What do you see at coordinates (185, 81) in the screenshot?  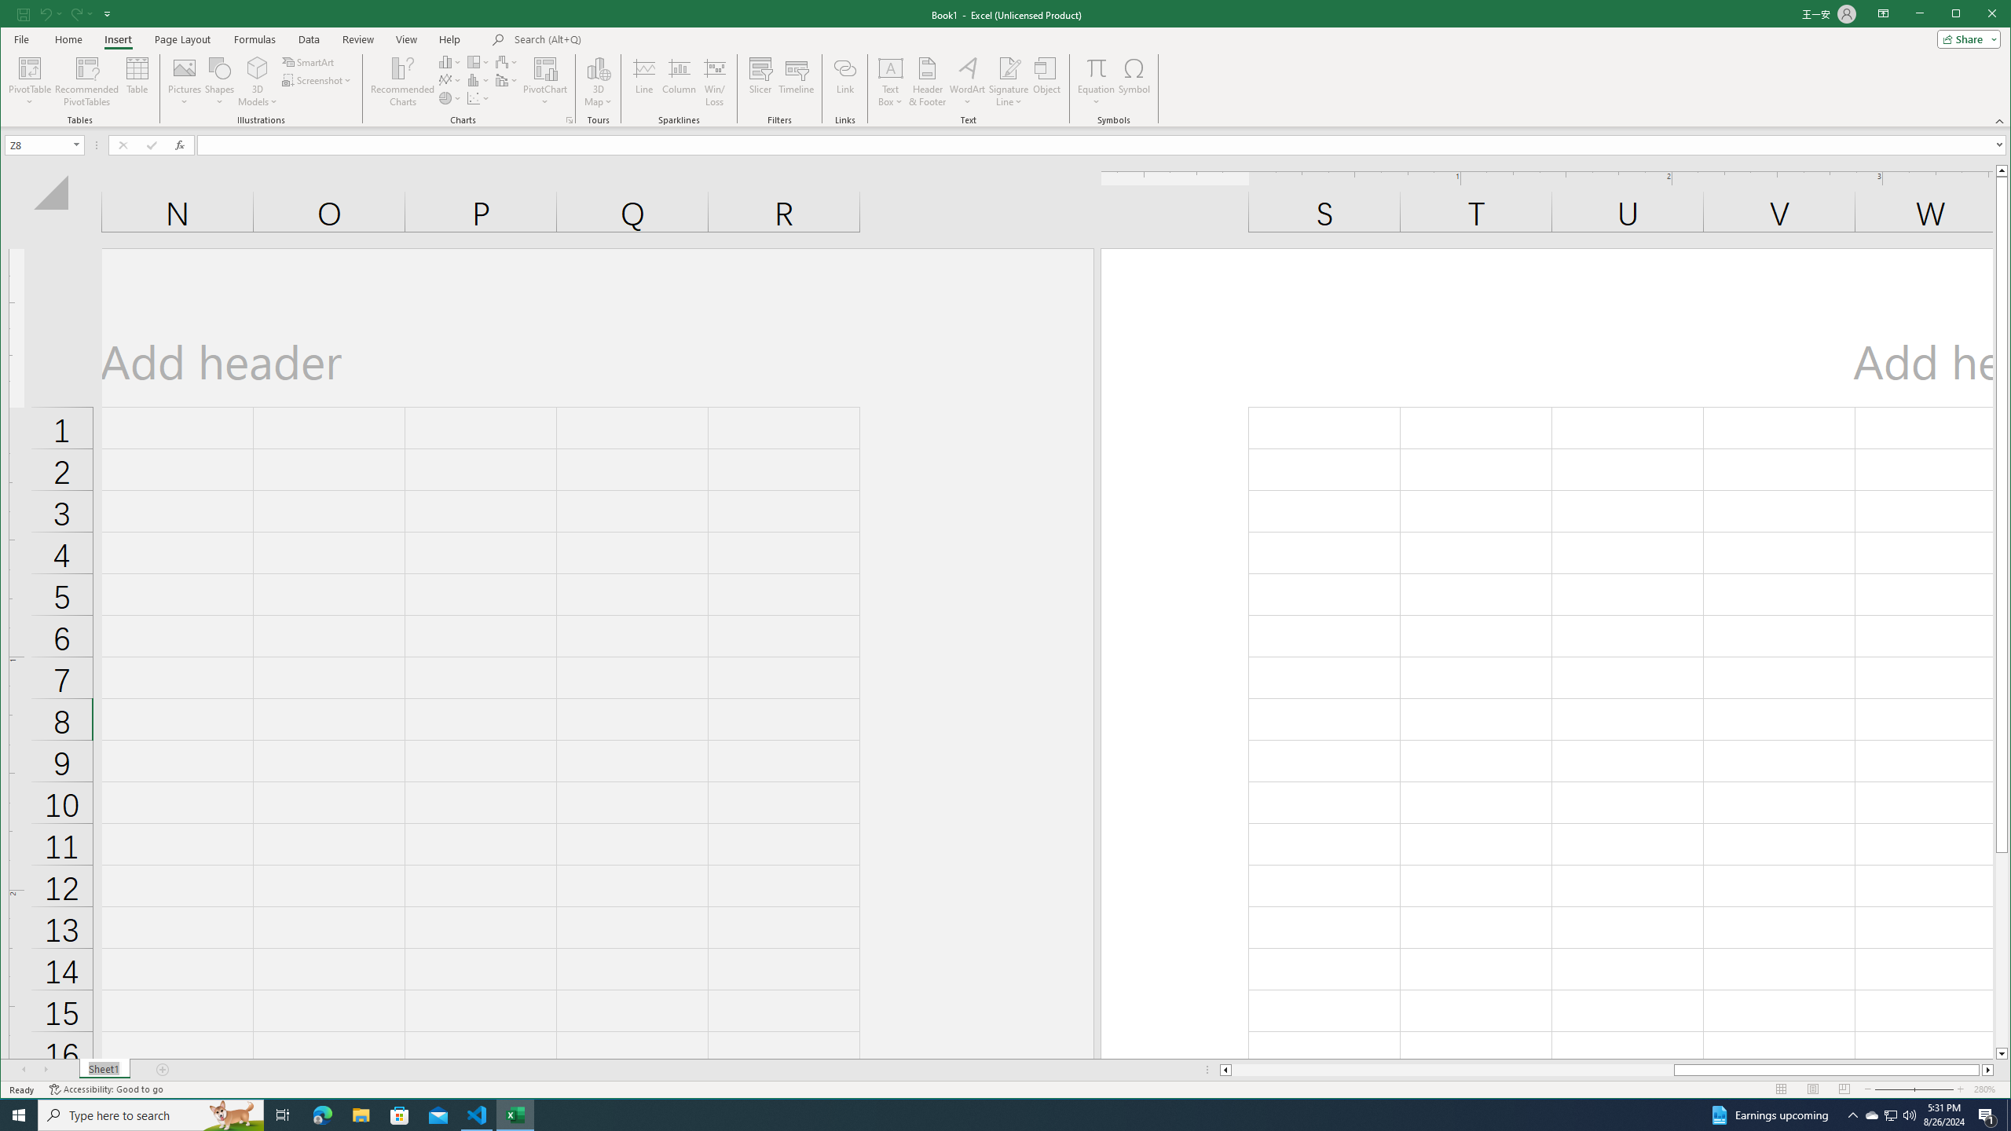 I see `'Pictures'` at bounding box center [185, 81].